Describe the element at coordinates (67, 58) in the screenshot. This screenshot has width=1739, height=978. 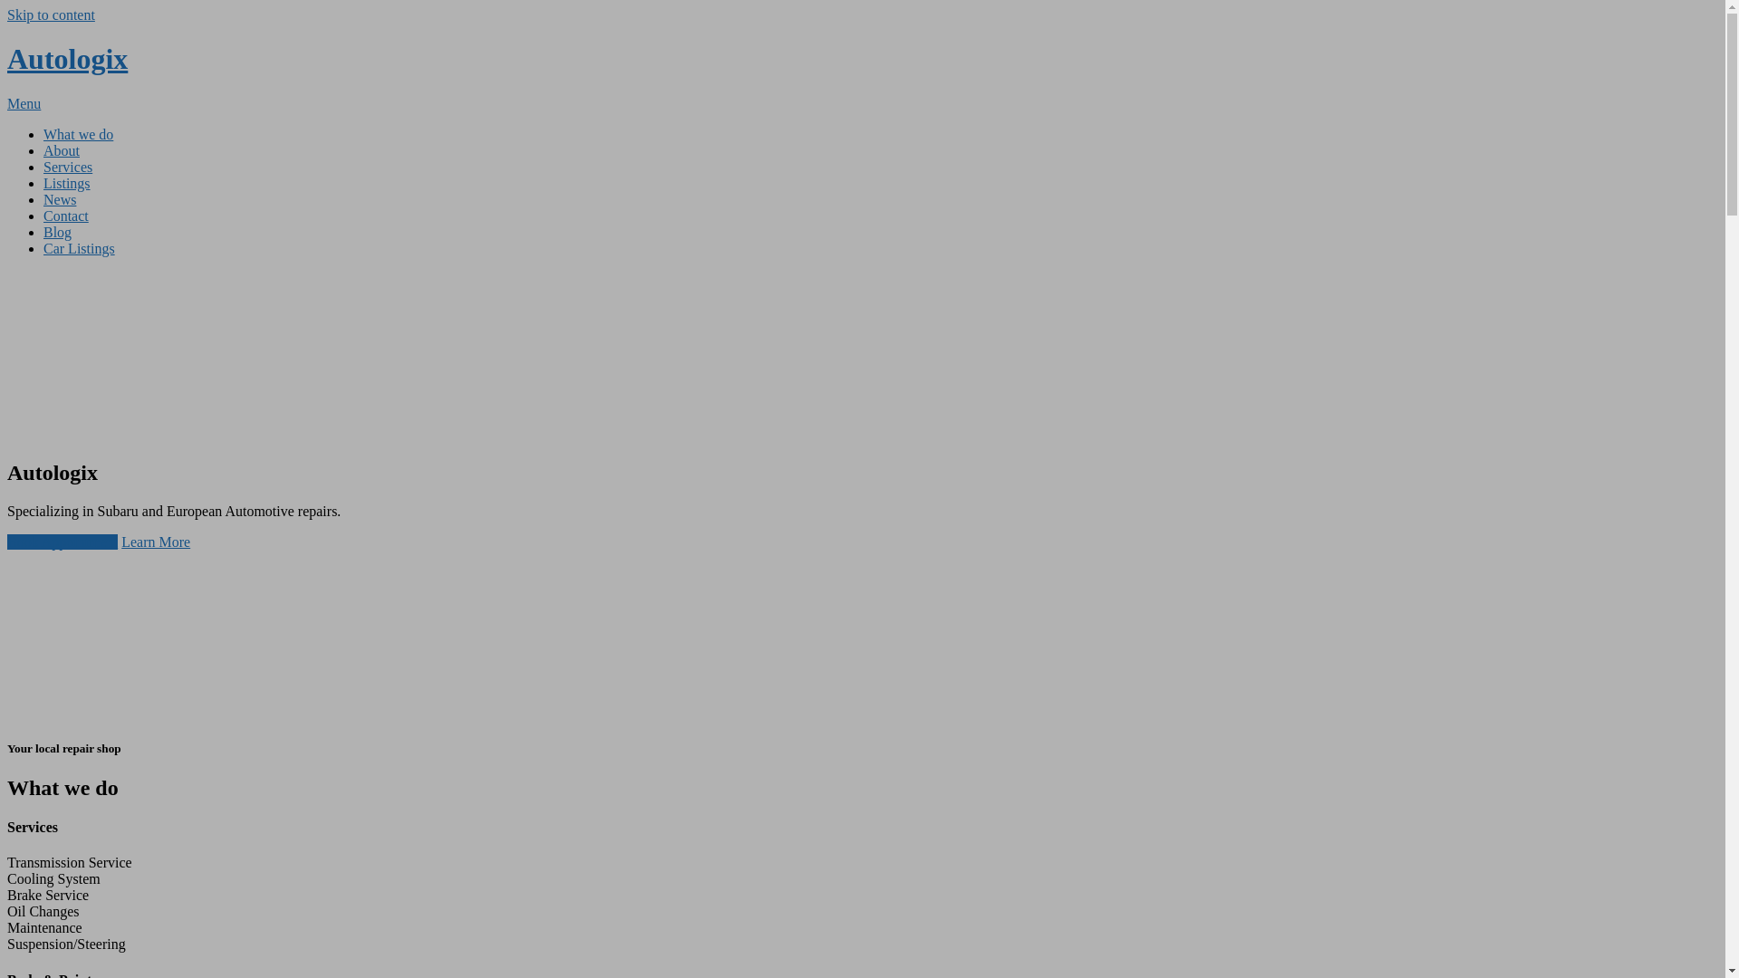
I see `'Autologix'` at that location.